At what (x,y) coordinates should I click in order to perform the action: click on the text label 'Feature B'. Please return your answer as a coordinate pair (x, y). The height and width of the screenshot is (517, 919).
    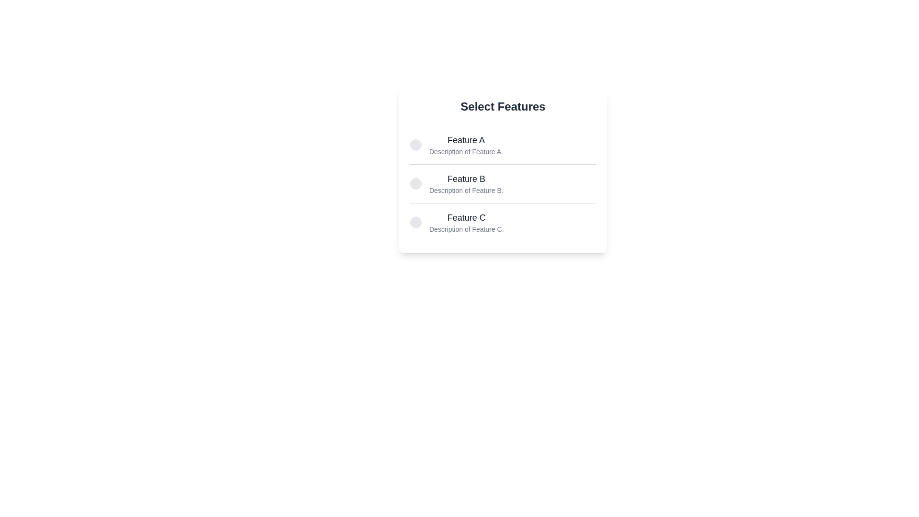
    Looking at the image, I should click on (466, 179).